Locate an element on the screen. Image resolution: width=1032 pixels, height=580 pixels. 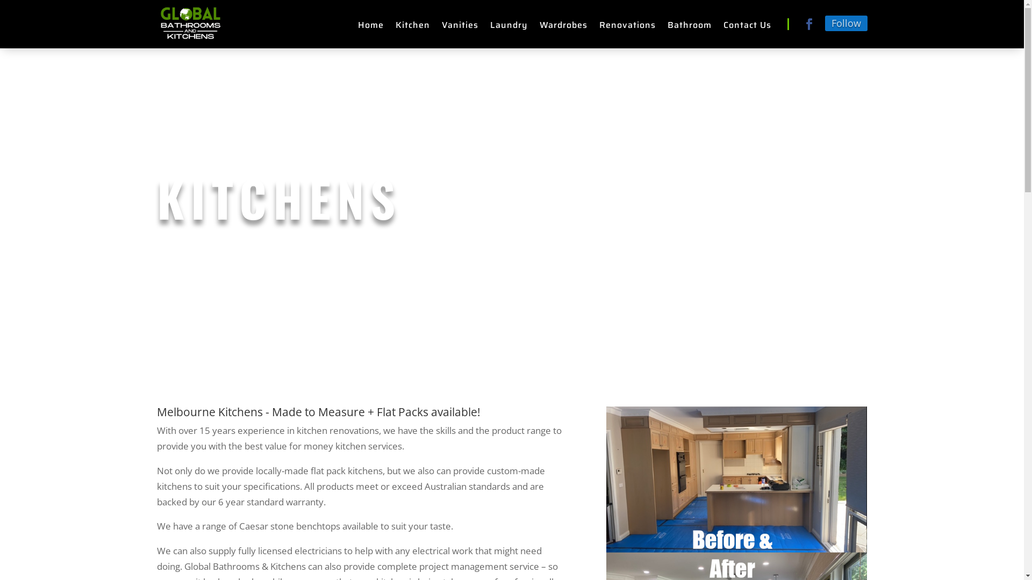
'Vanities' is located at coordinates (460, 26).